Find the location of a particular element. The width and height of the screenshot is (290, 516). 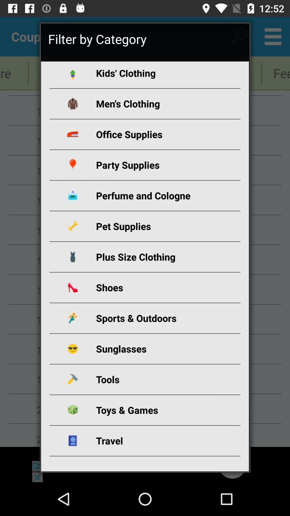

icon above toys & games is located at coordinates (151, 379).